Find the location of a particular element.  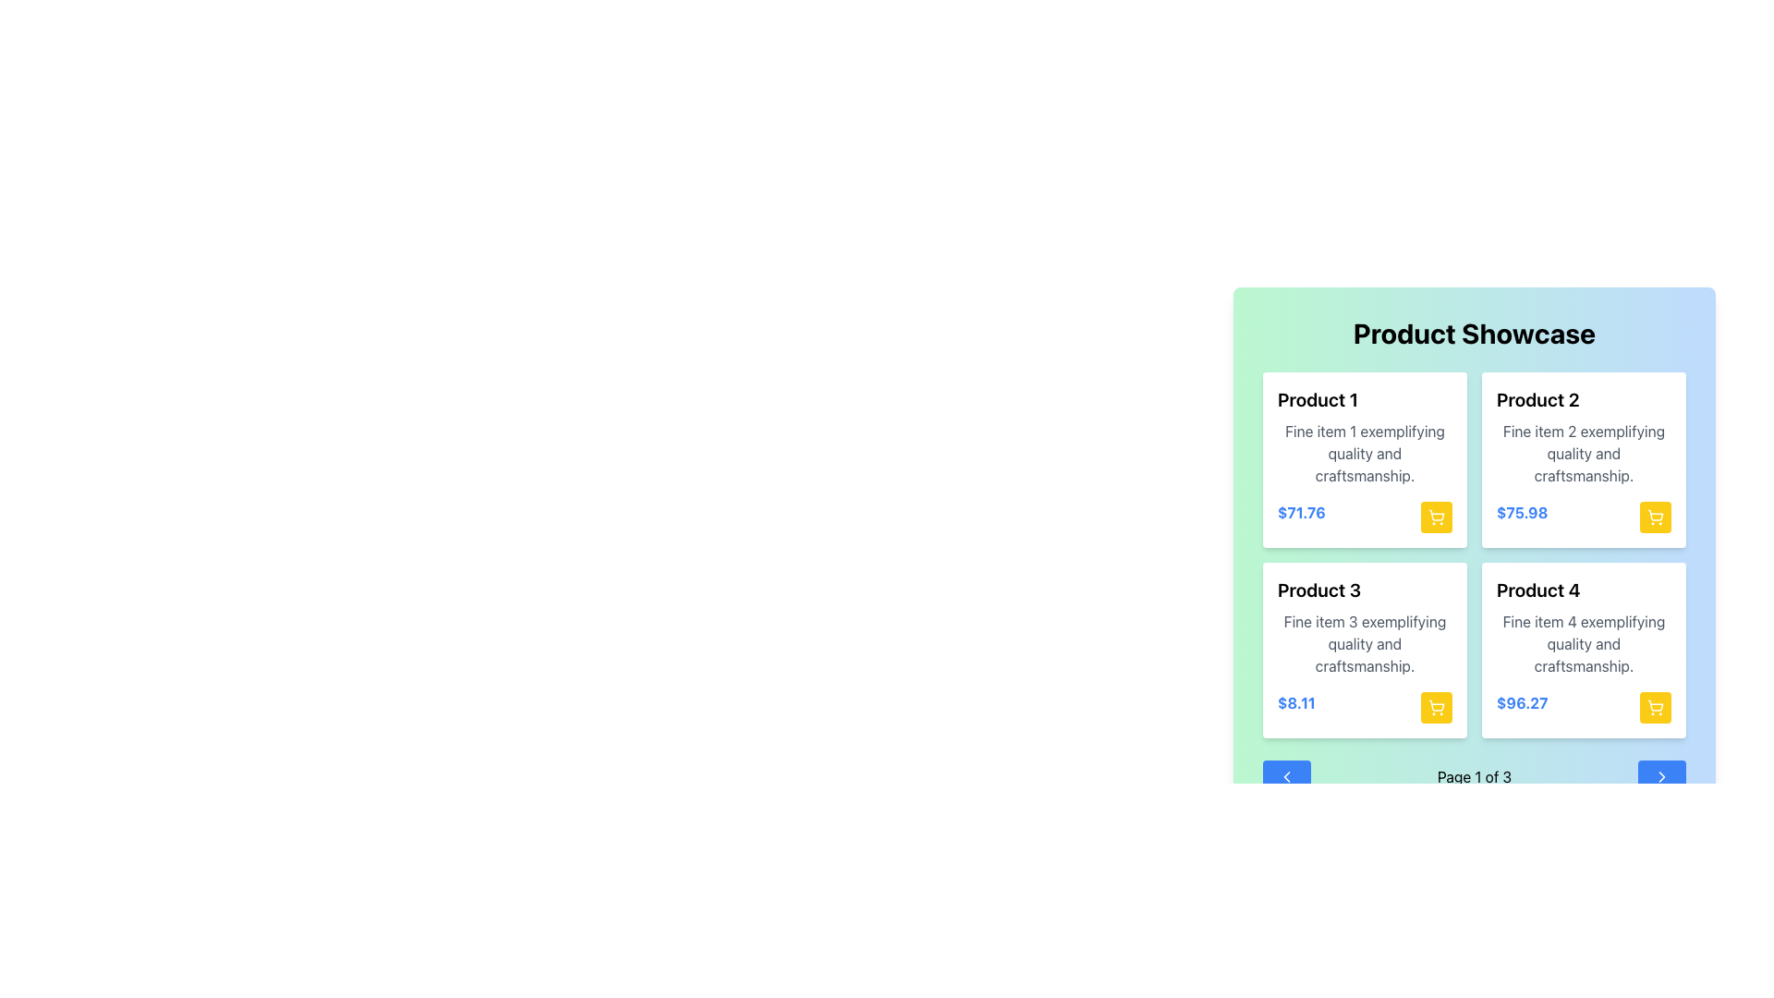

the static text label indicating the current page number and total number of pages at the bottom of the card layout is located at coordinates (1474, 776).